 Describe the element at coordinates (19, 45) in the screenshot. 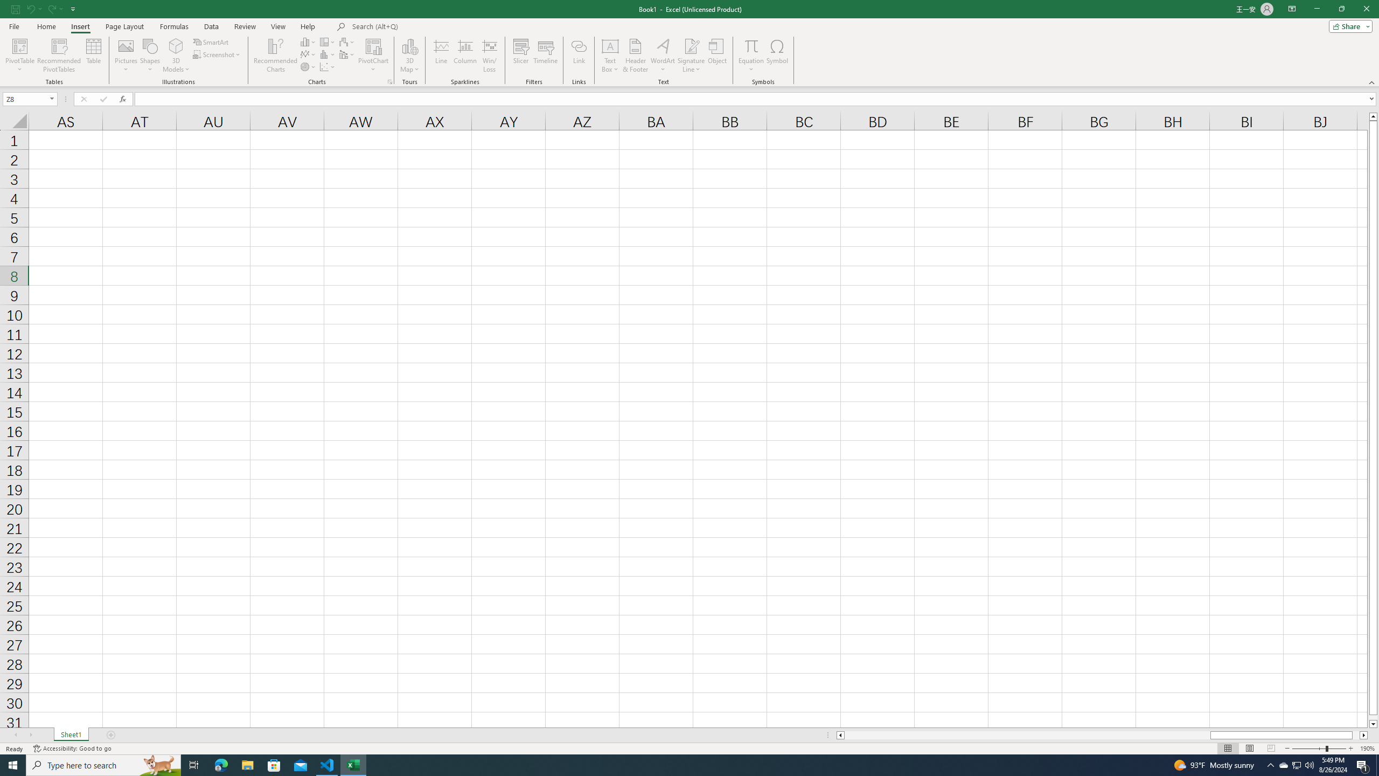

I see `'PivotTable'` at that location.